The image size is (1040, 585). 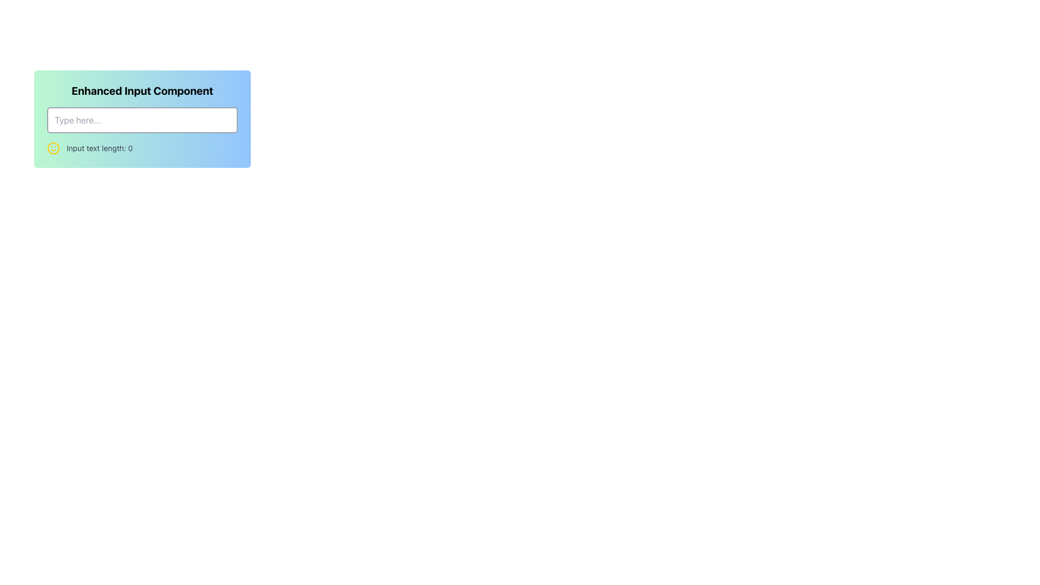 I want to click on the Text Label that displays the real-time length of the input typed in the associated text box, which is horizontally aligned to the right of a yellow smiley face icon, so click(x=100, y=148).